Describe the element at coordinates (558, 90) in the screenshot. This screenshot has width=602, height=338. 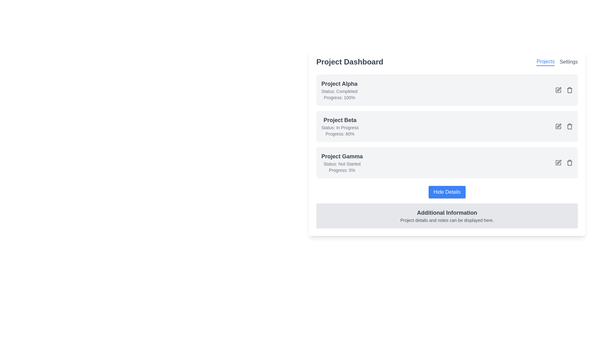
I see `the pen icon button used for editing, located in the first row next to 'Project Alpha'` at that location.